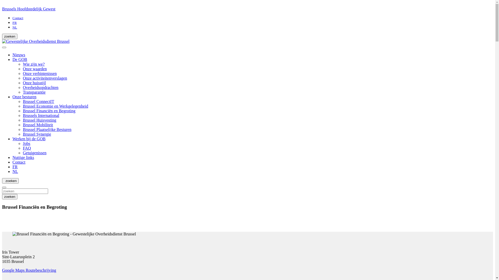 The image size is (499, 280). What do you see at coordinates (12, 97) in the screenshot?
I see `'Onze besturen'` at bounding box center [12, 97].